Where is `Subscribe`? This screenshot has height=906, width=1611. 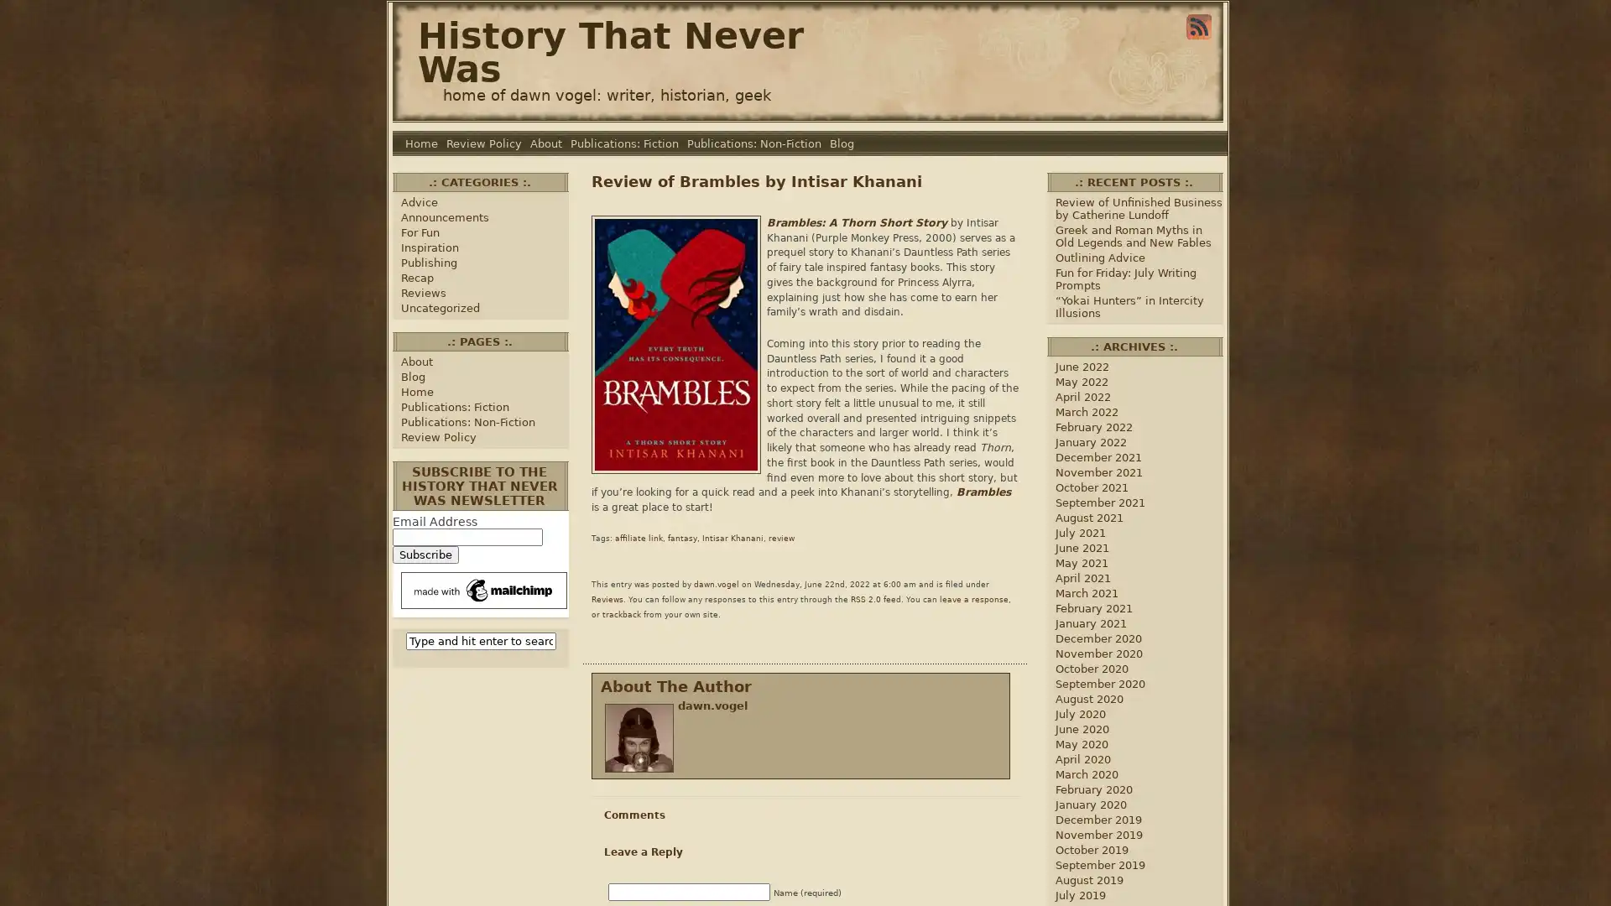 Subscribe is located at coordinates (425, 555).